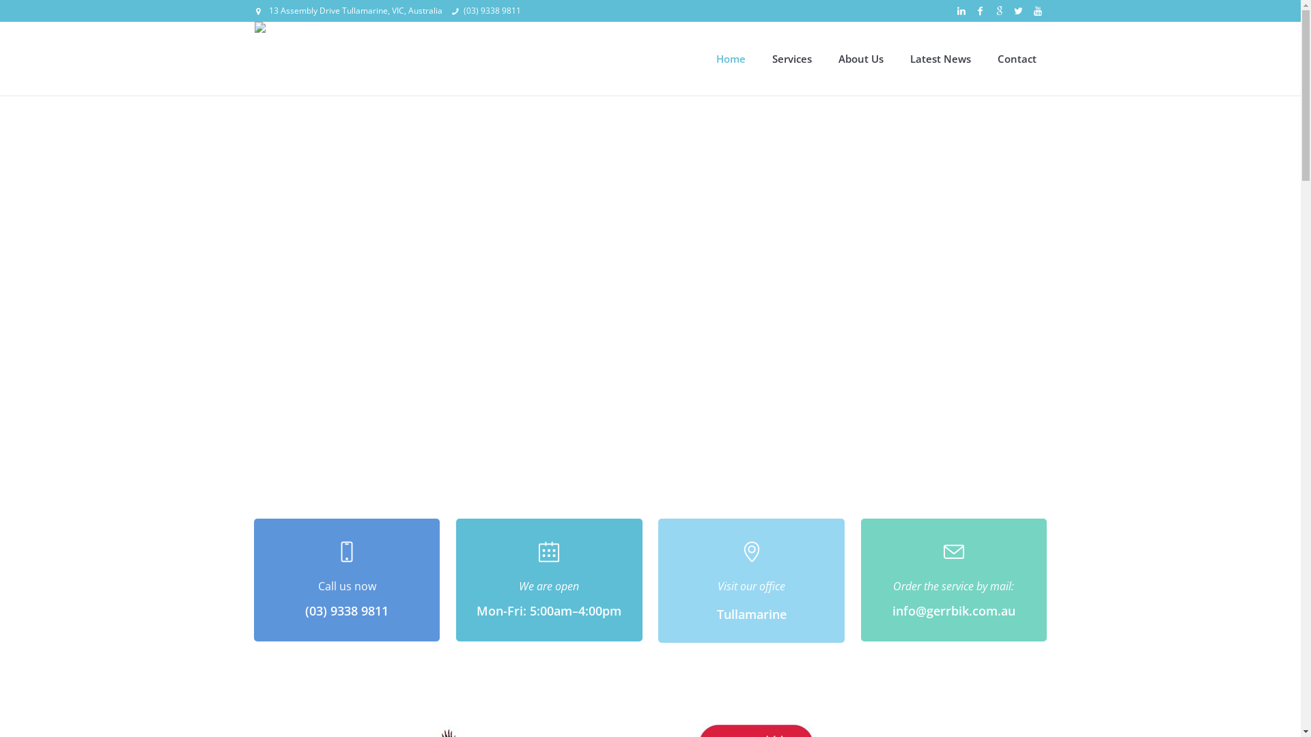 Image resolution: width=1311 pixels, height=737 pixels. Describe the element at coordinates (730, 57) in the screenshot. I see `'Home'` at that location.